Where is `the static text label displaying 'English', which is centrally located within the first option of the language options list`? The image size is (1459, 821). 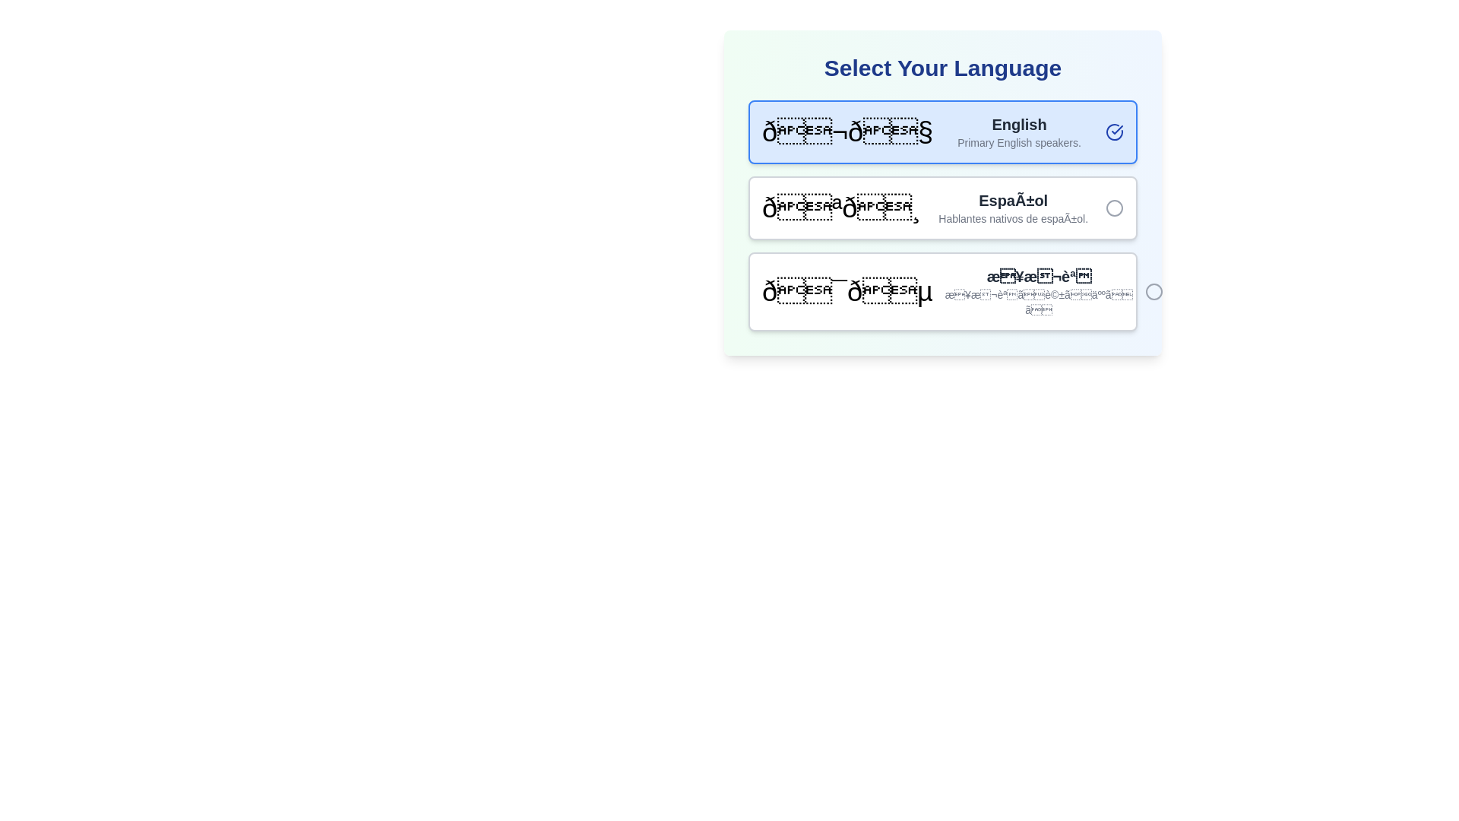
the static text label displaying 'English', which is centrally located within the first option of the language options list is located at coordinates (1019, 124).